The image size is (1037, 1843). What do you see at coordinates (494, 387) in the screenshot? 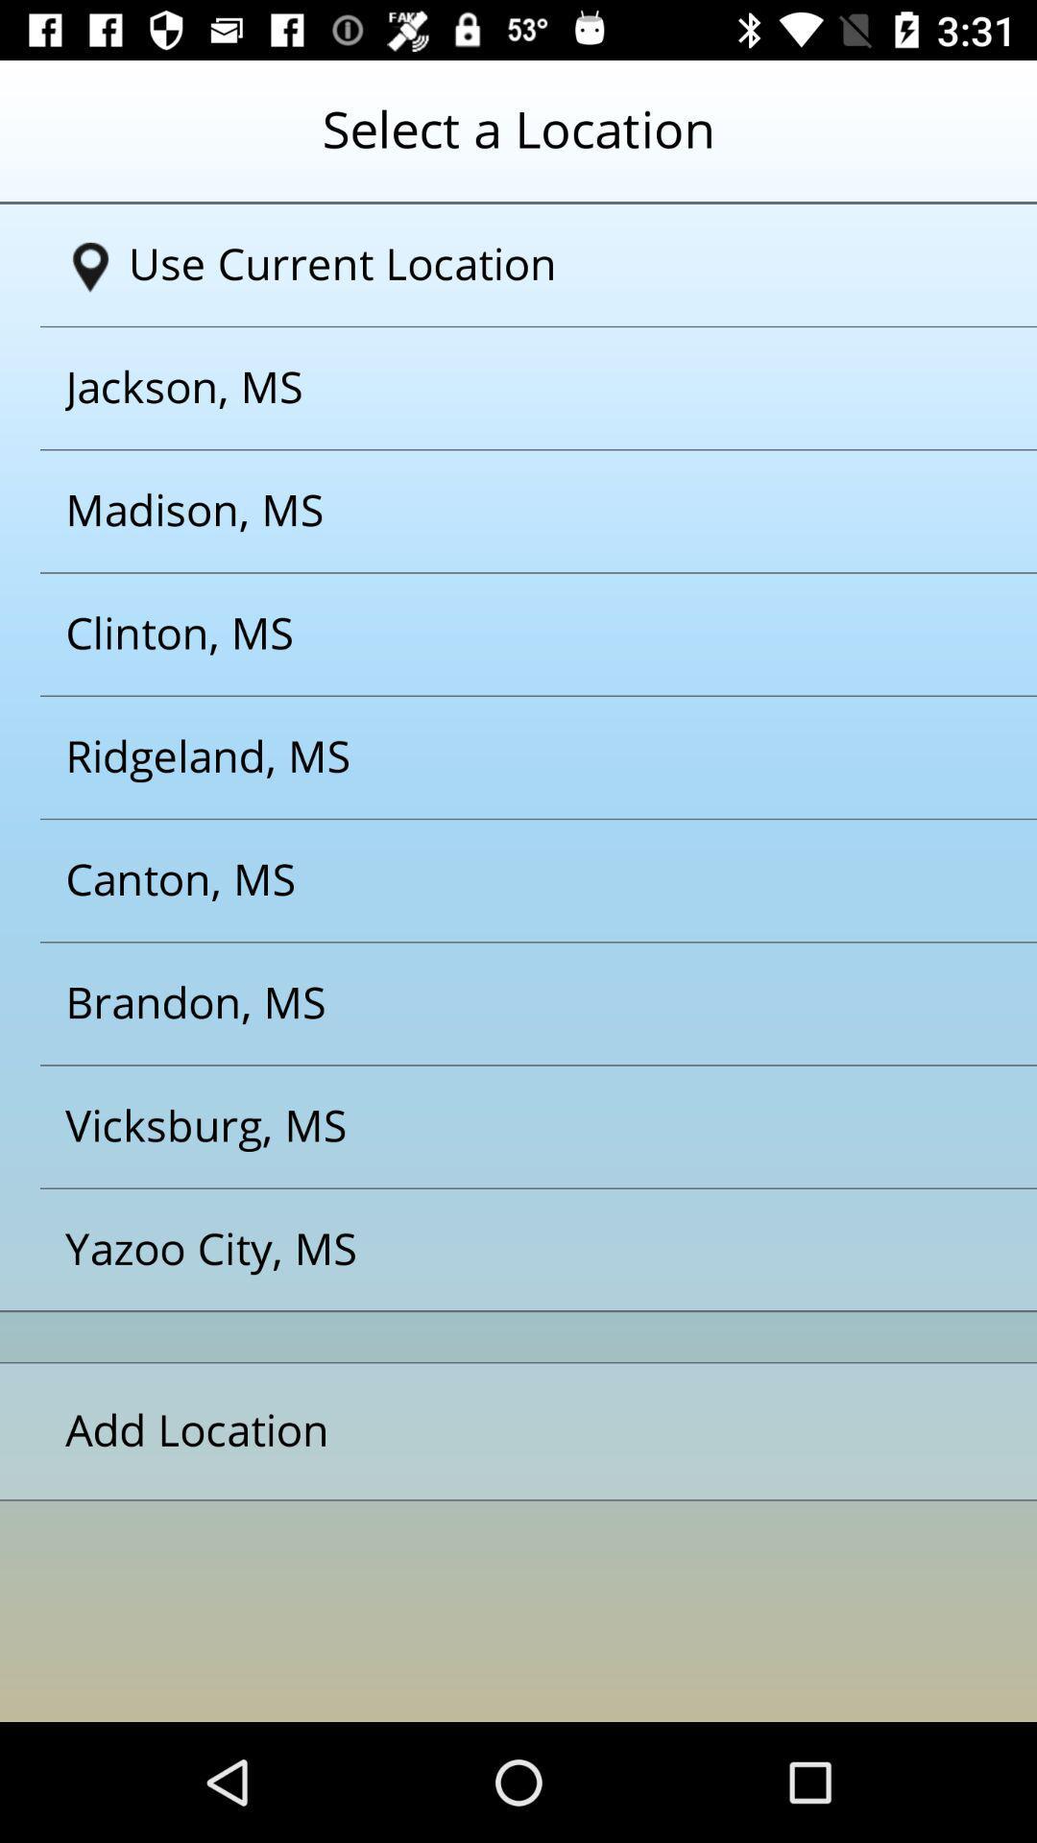
I see `jackson ms` at bounding box center [494, 387].